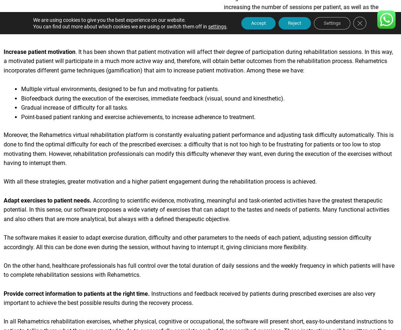 This screenshot has width=401, height=330. What do you see at coordinates (190, 137) in the screenshot?
I see `'Moreover, the Rehametrics virtual rehabilitation platform is constantly evaluating patient performance and adjusting task difficulty automatically.'` at bounding box center [190, 137].